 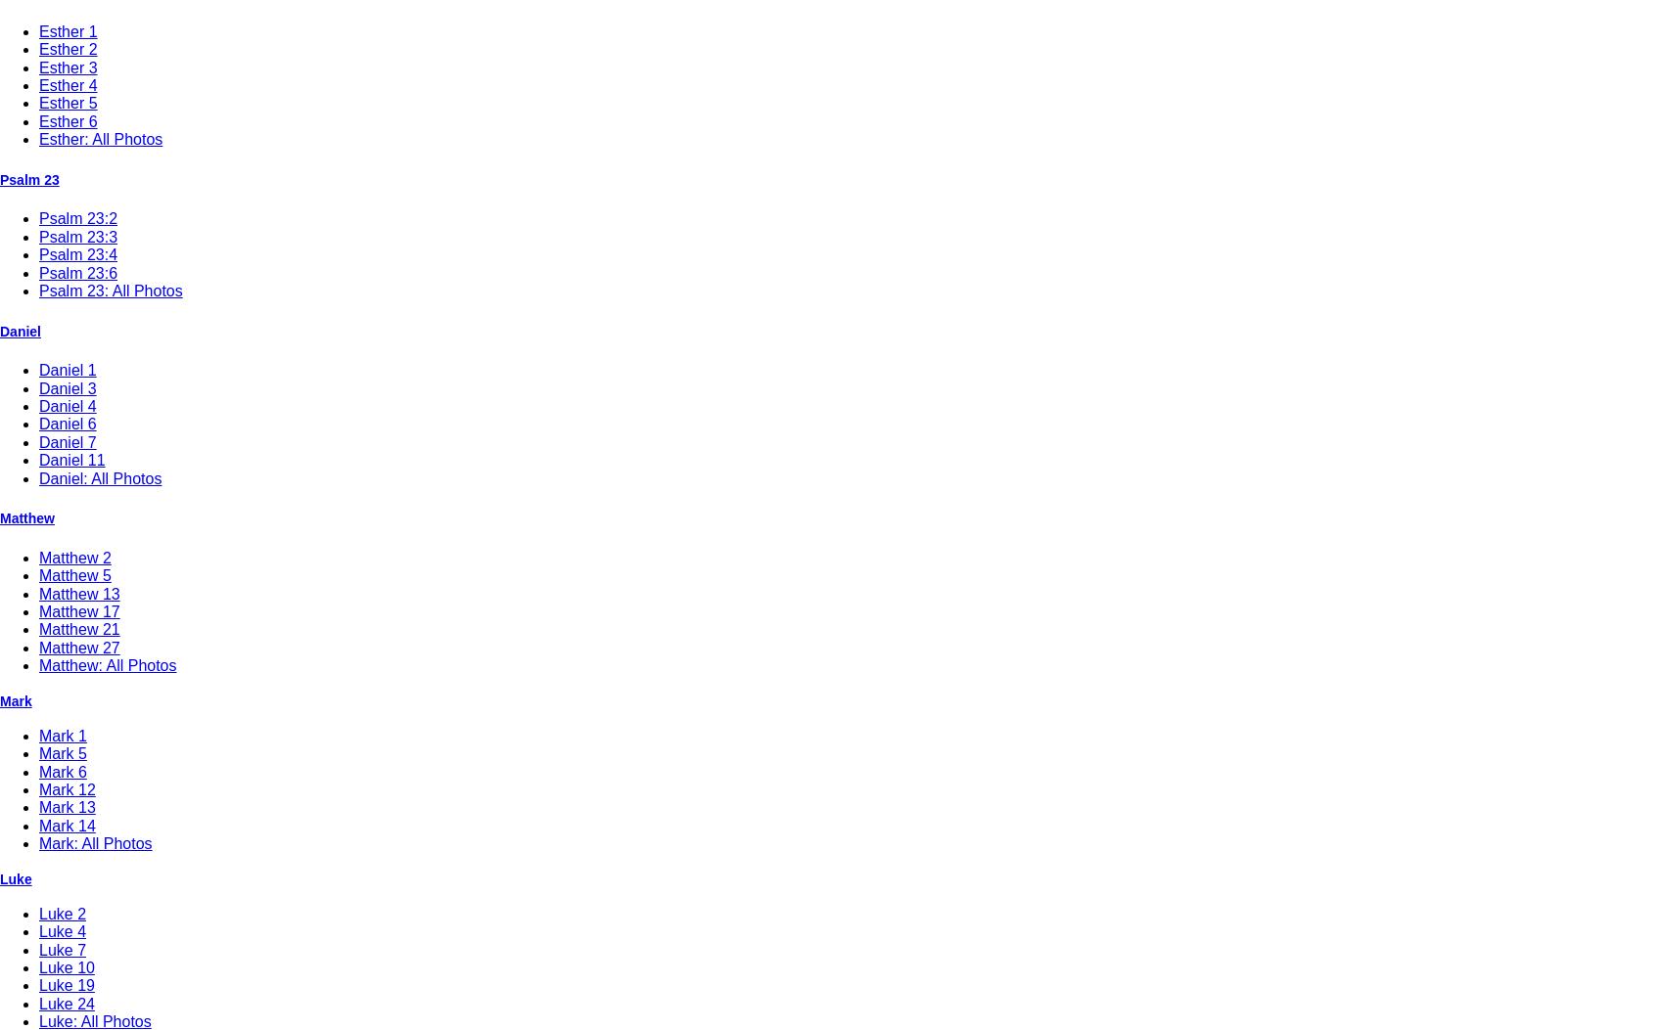 What do you see at coordinates (107, 665) in the screenshot?
I see `'Matthew: All Photos'` at bounding box center [107, 665].